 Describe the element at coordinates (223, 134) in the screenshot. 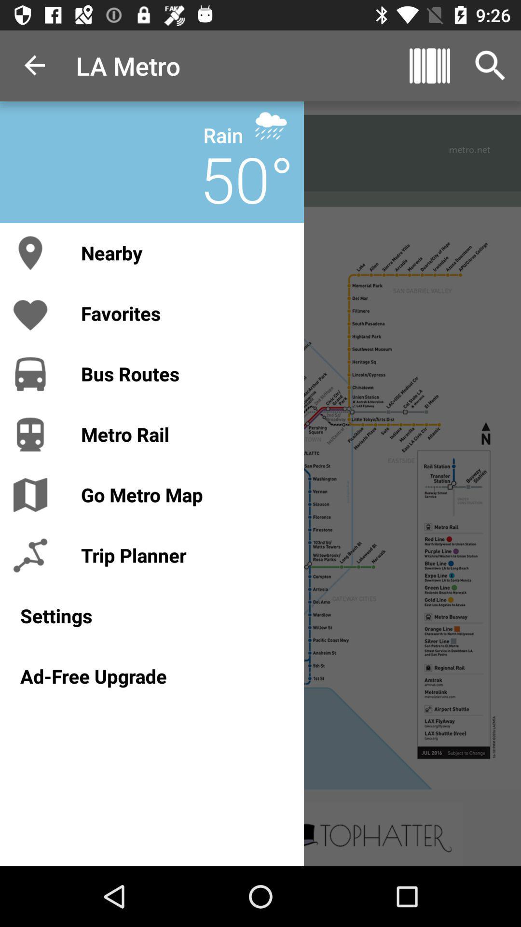

I see `the rain` at that location.